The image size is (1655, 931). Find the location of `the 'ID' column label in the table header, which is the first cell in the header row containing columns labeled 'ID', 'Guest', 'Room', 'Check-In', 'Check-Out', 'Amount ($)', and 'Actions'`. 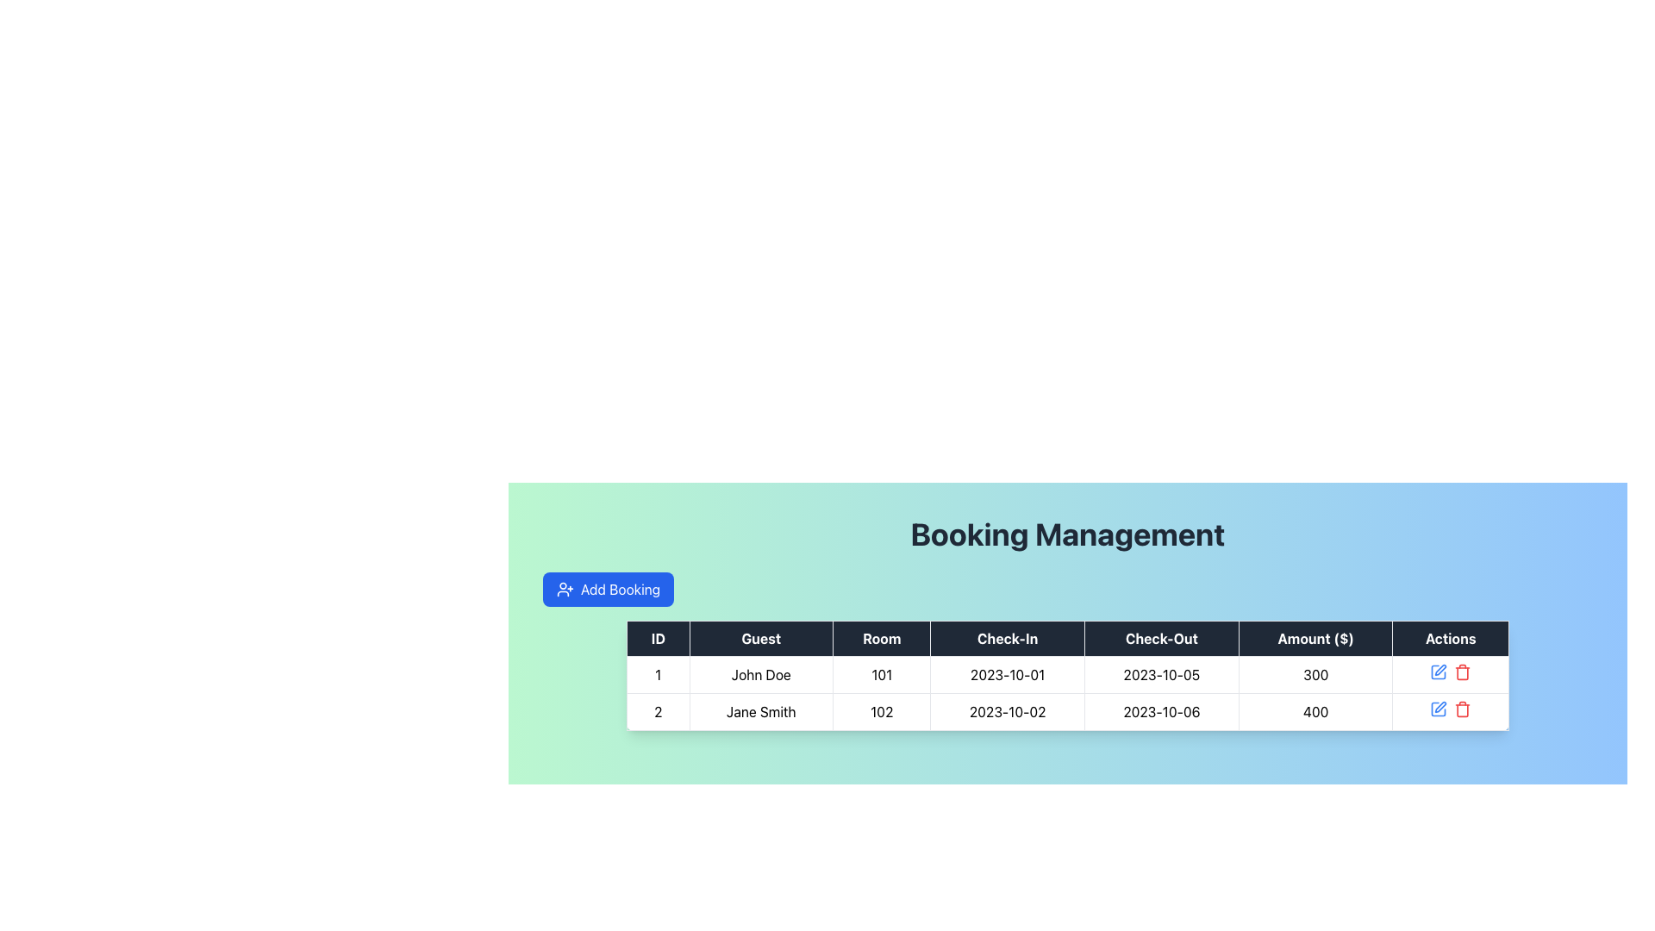

the 'ID' column label in the table header, which is the first cell in the header row containing columns labeled 'ID', 'Guest', 'Room', 'Check-In', 'Check-Out', 'Amount ($)', and 'Actions' is located at coordinates (657, 638).